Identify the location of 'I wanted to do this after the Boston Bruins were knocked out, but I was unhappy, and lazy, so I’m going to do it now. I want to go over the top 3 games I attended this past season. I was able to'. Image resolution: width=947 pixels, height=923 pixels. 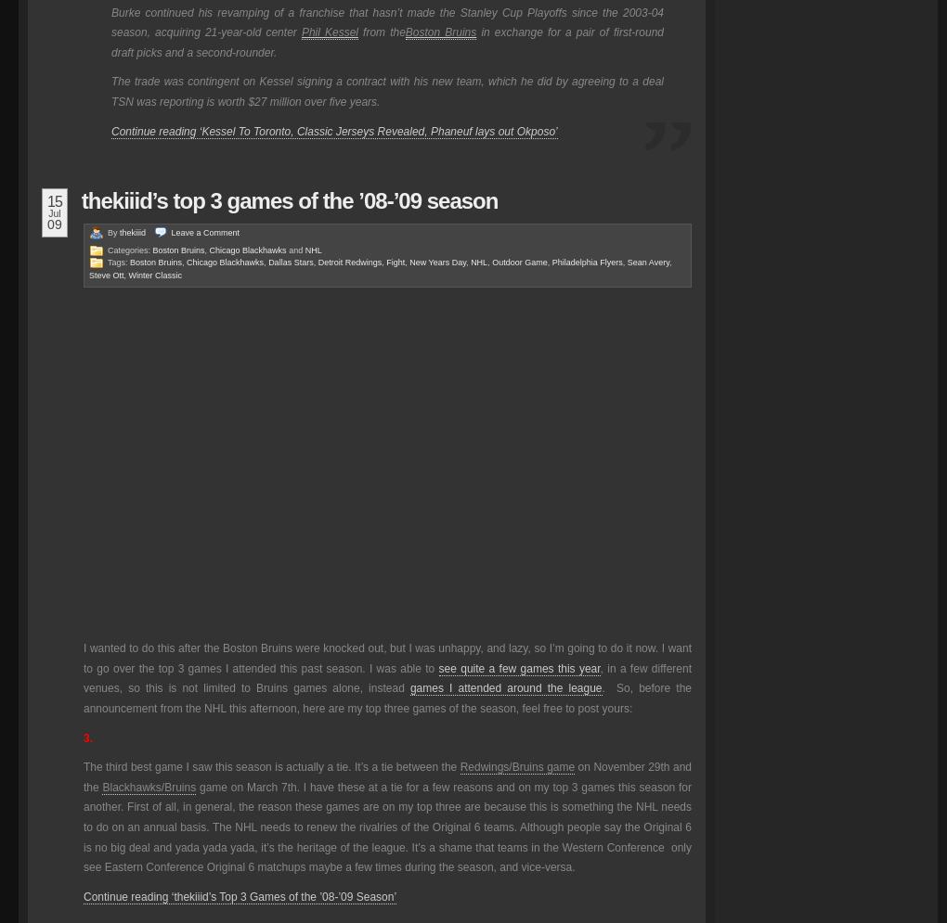
(82, 658).